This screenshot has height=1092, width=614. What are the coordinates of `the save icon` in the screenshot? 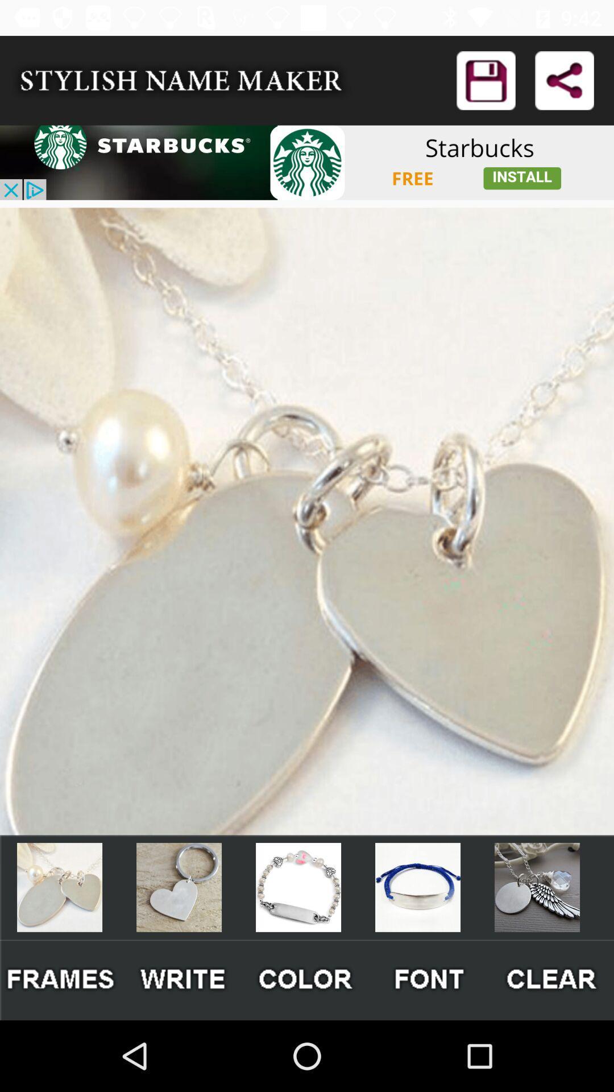 It's located at (486, 80).